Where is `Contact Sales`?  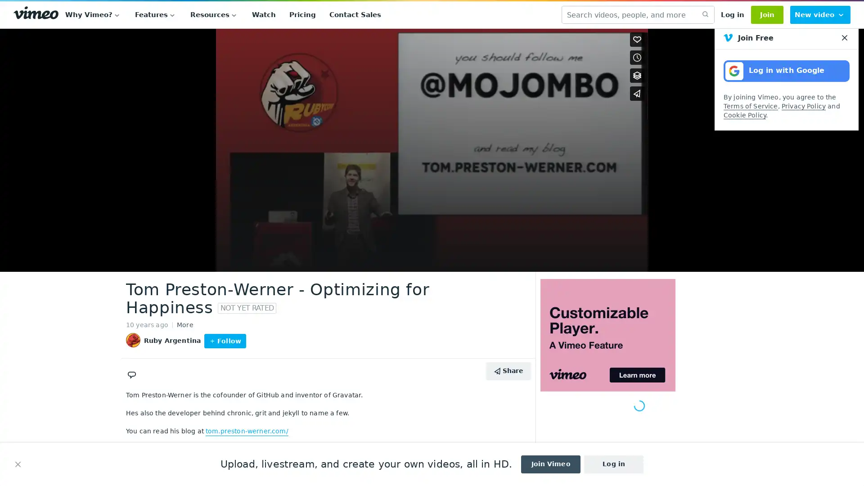 Contact Sales is located at coordinates (355, 15).